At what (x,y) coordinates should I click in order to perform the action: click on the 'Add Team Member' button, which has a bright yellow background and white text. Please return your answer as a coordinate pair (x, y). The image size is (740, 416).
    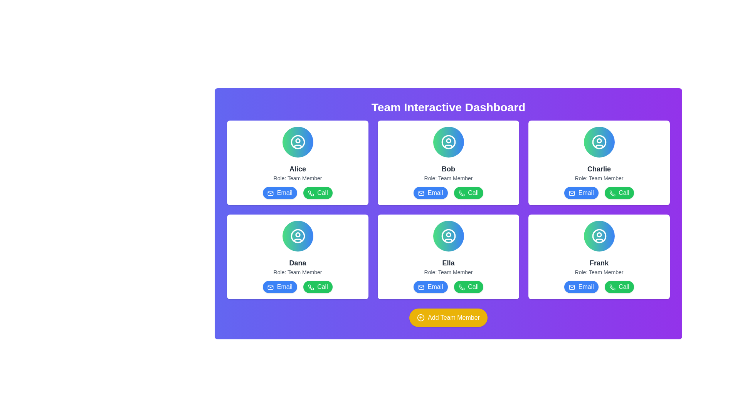
    Looking at the image, I should click on (448, 318).